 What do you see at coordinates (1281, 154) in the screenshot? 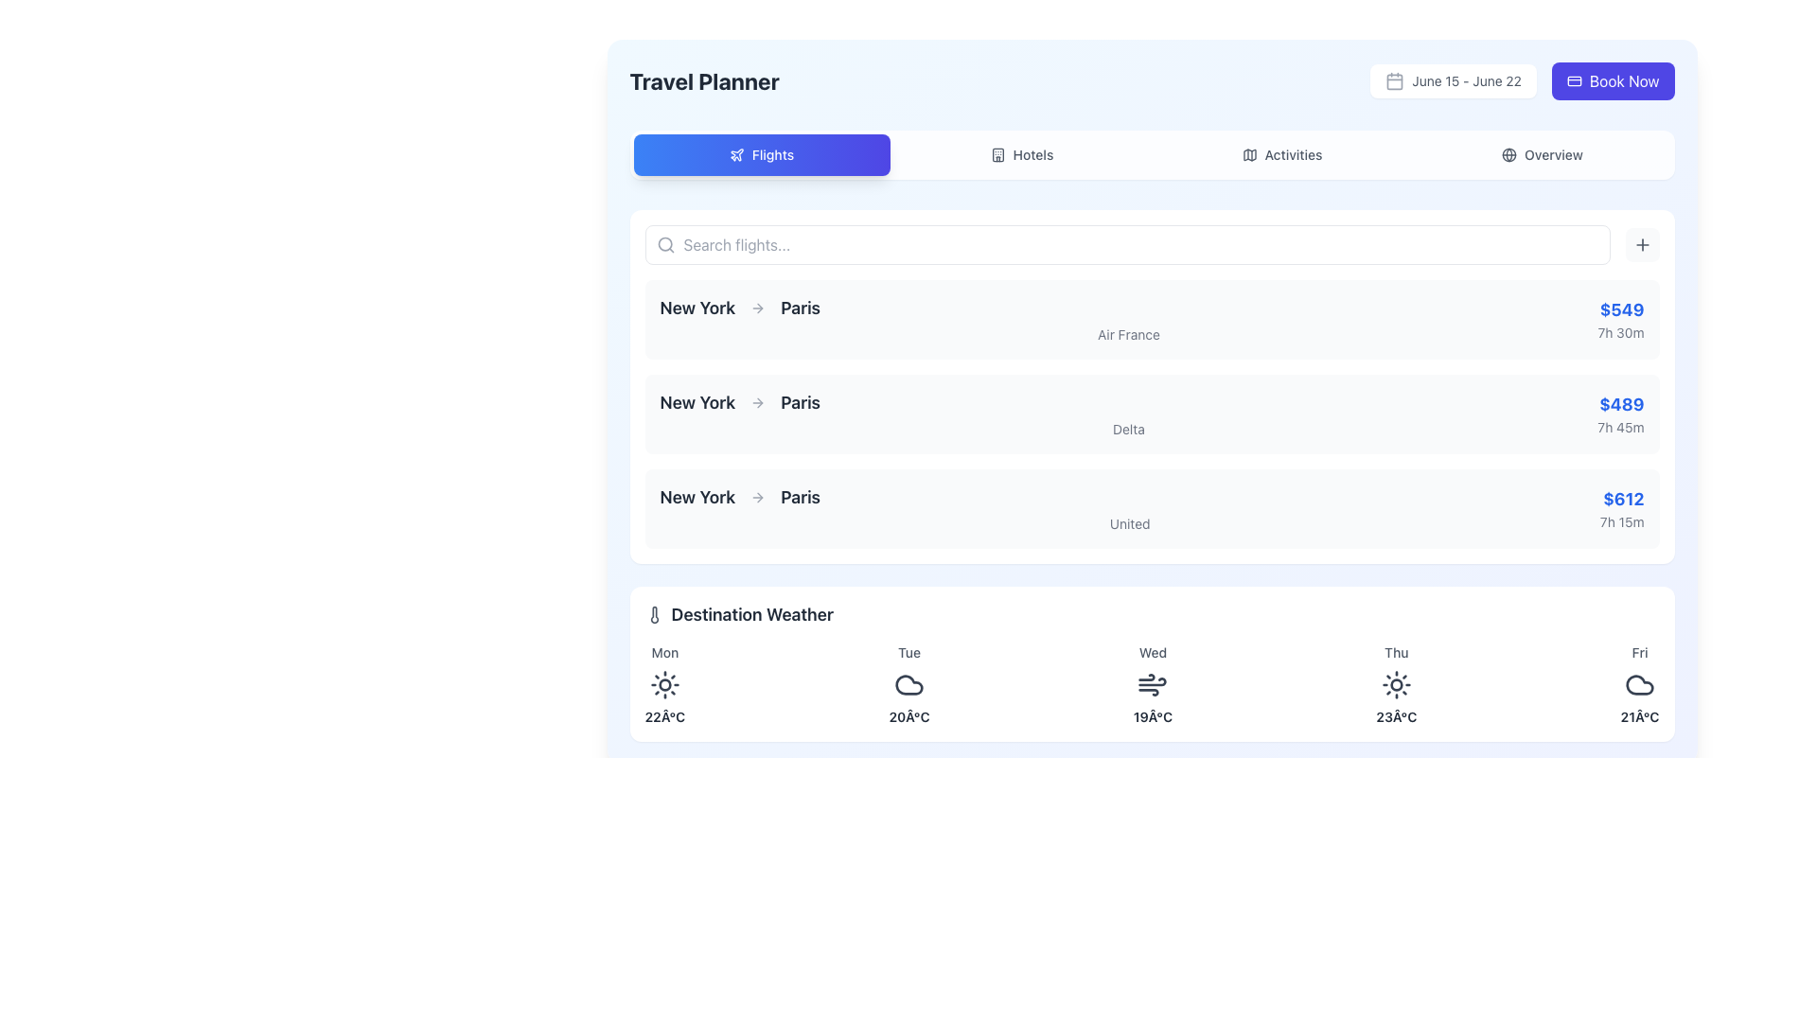
I see `the navigation tab button located in the third position of the horizontal navigation bar, which is situated between the 'Hotels' tab and the 'Overview' tab` at bounding box center [1281, 154].